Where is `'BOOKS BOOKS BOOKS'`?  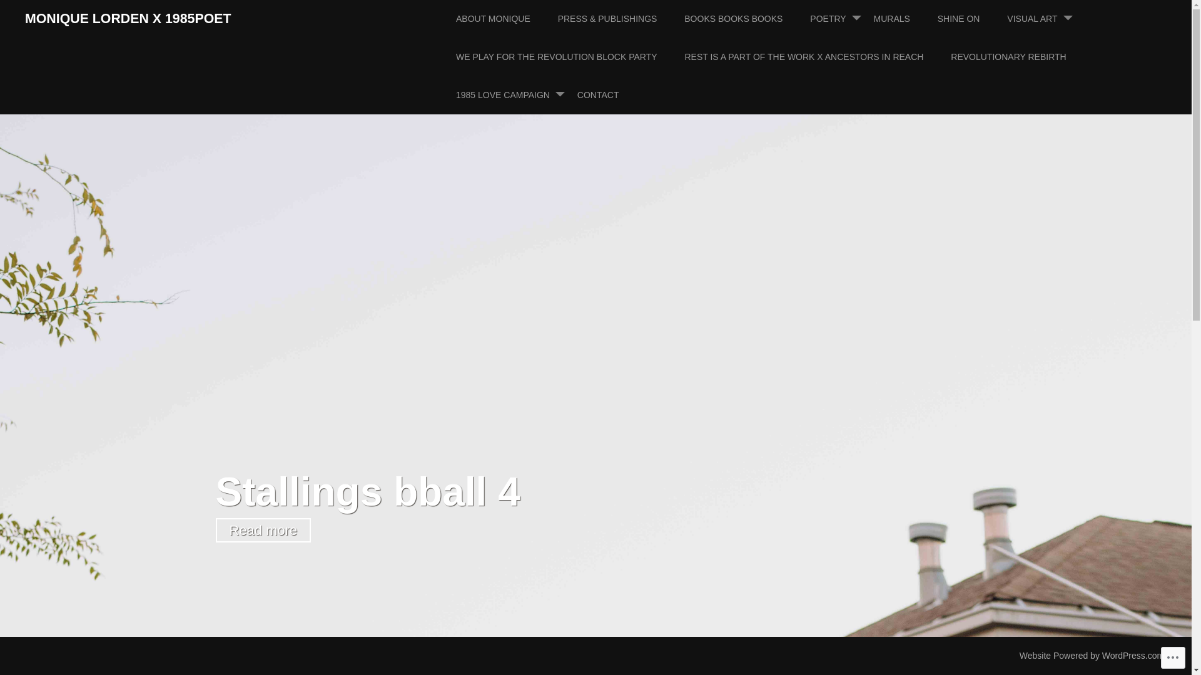
'BOOKS BOOKS BOOKS' is located at coordinates (684, 19).